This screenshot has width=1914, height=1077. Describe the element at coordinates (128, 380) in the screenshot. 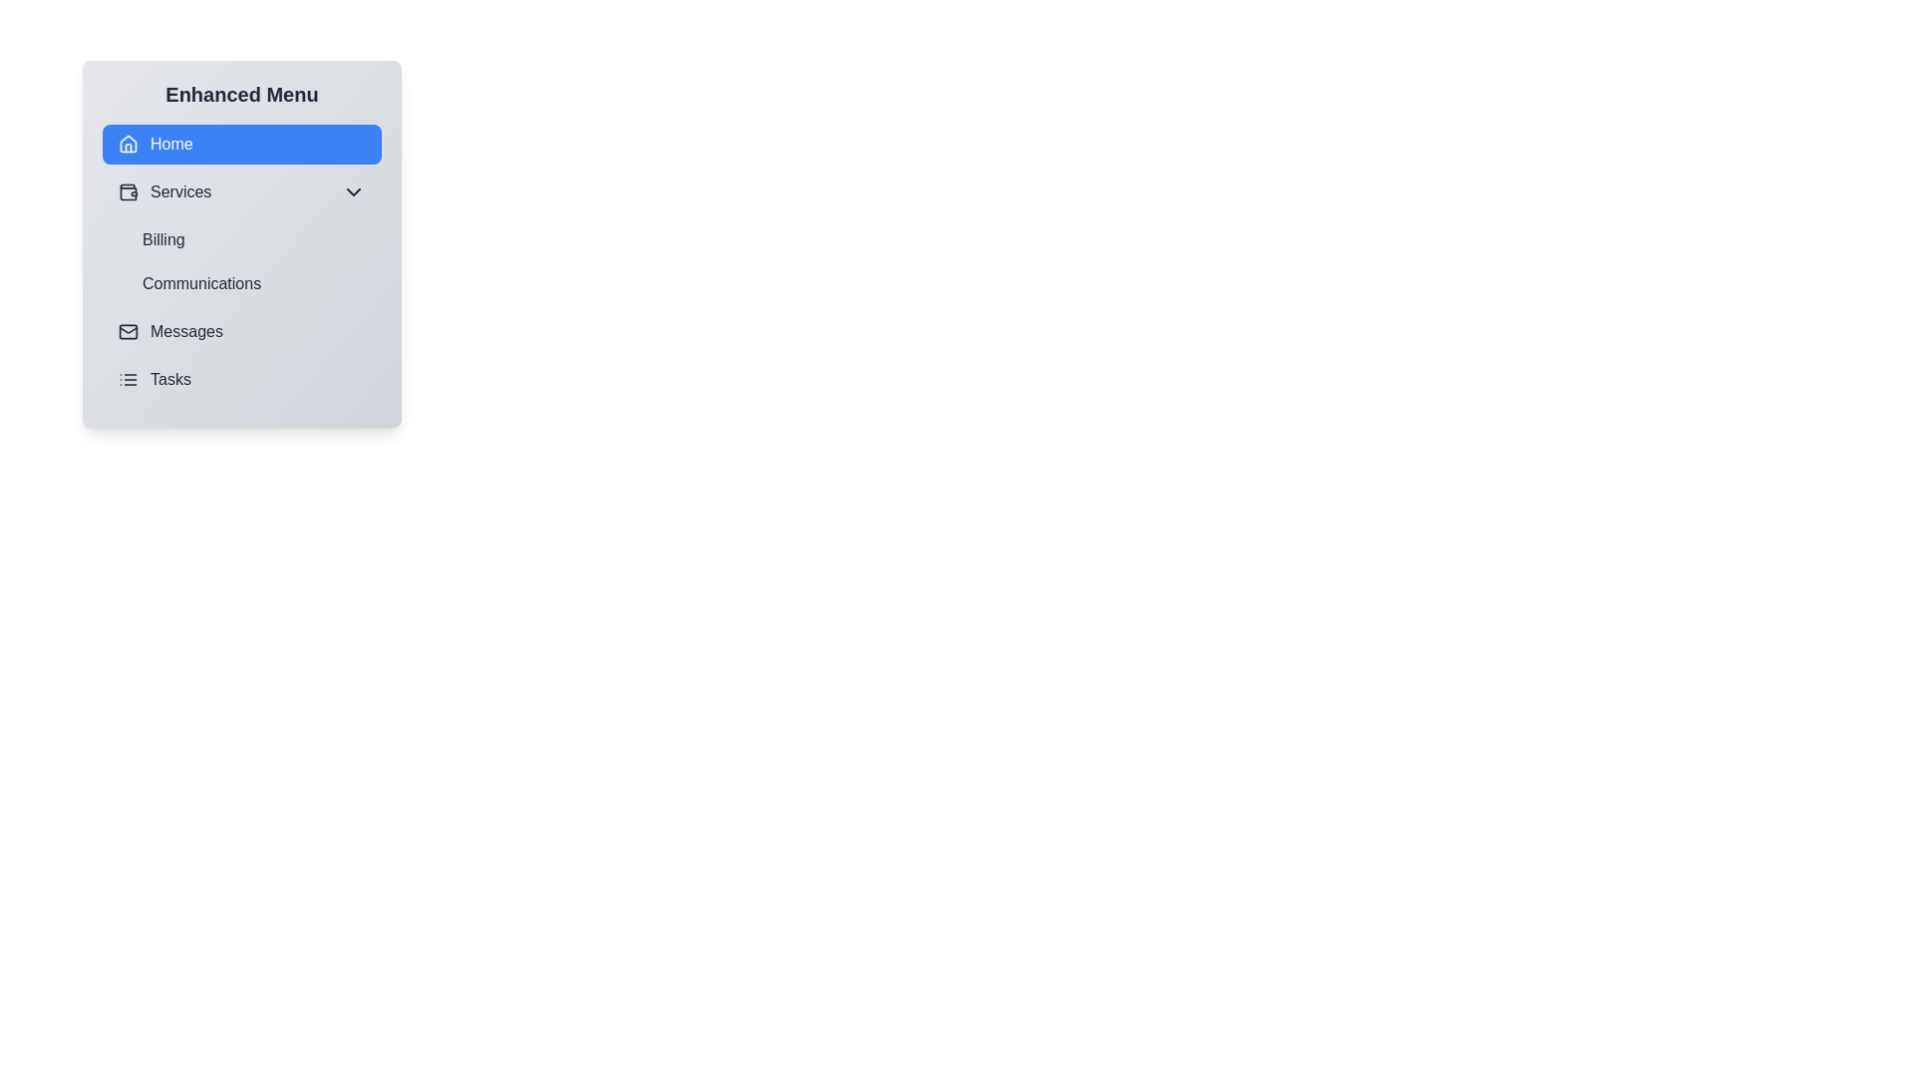

I see `the bulleted list icon located to the left of the text 'Tasks' in the lower part of the sidebar menu` at that location.